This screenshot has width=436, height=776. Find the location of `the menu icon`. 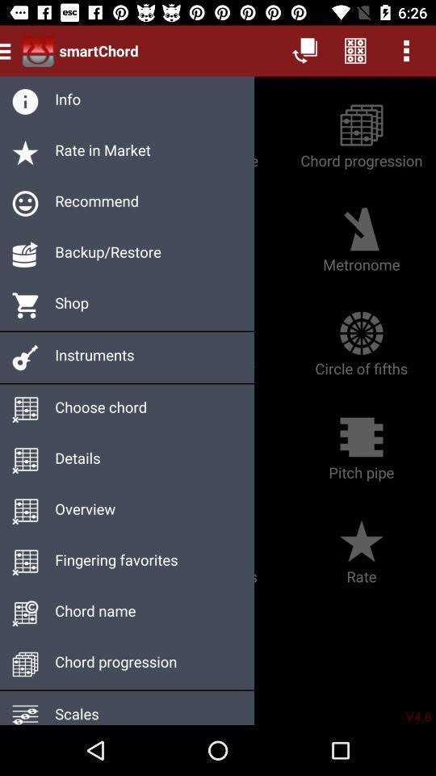

the menu icon is located at coordinates (7, 50).